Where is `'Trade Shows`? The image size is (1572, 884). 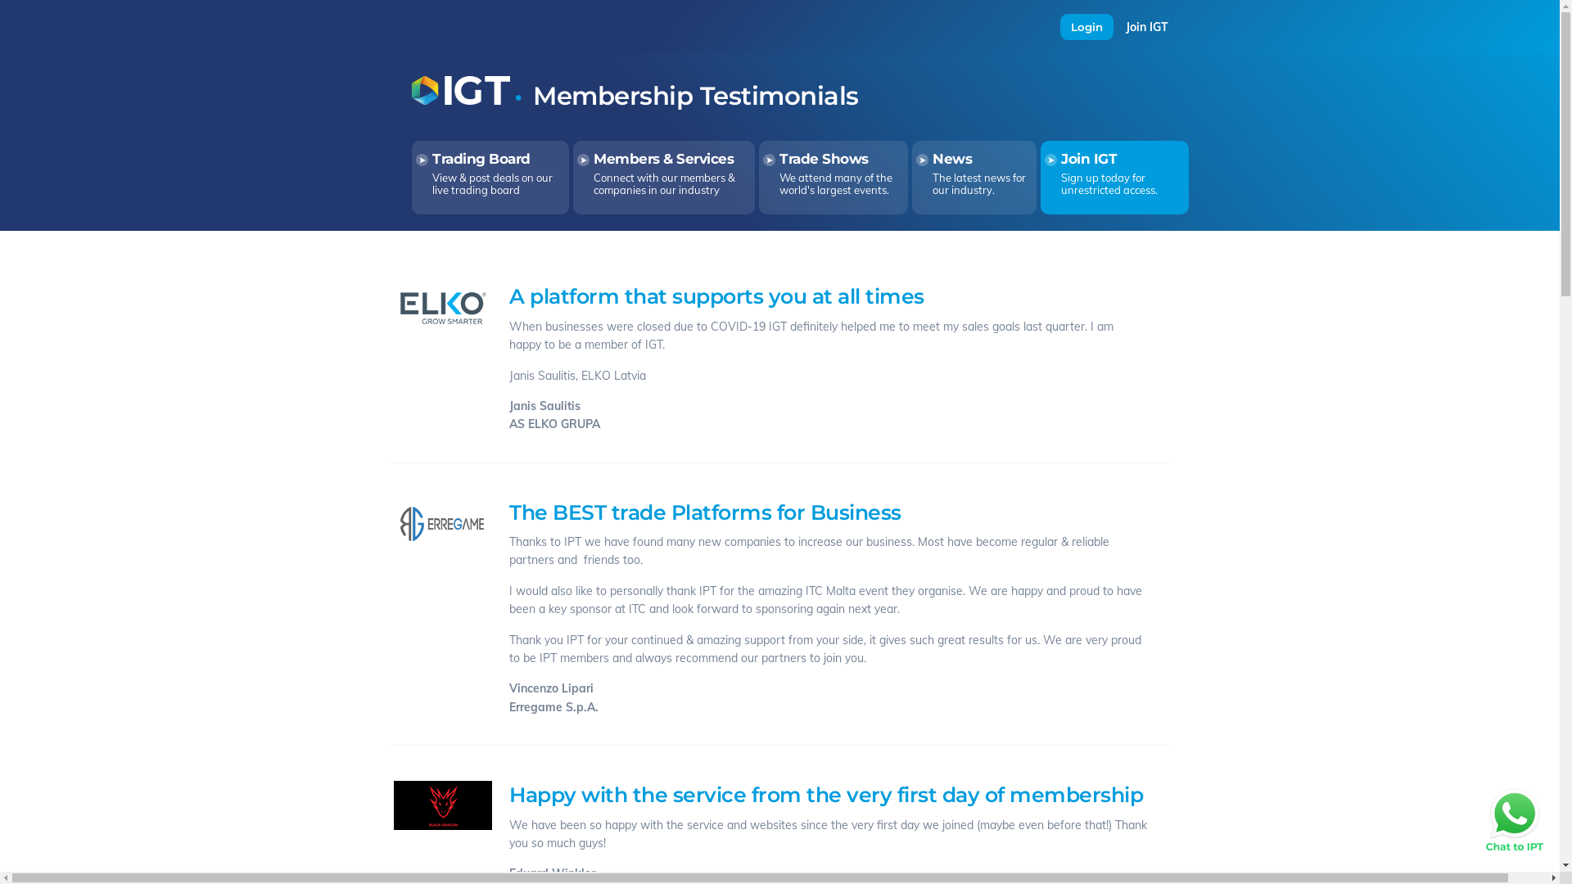 'Trade Shows is located at coordinates (833, 177).